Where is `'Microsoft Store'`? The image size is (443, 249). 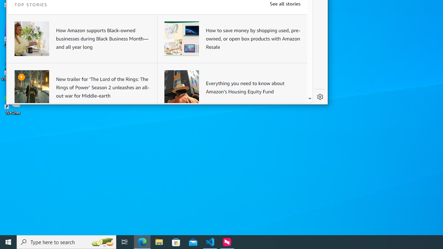
'Microsoft Store' is located at coordinates (176, 241).